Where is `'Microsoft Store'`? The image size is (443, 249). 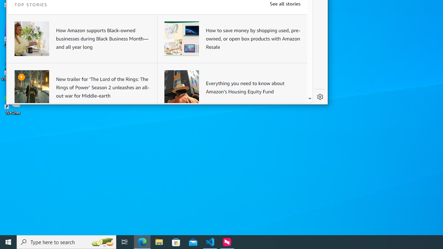
'Microsoft Store' is located at coordinates (176, 241).